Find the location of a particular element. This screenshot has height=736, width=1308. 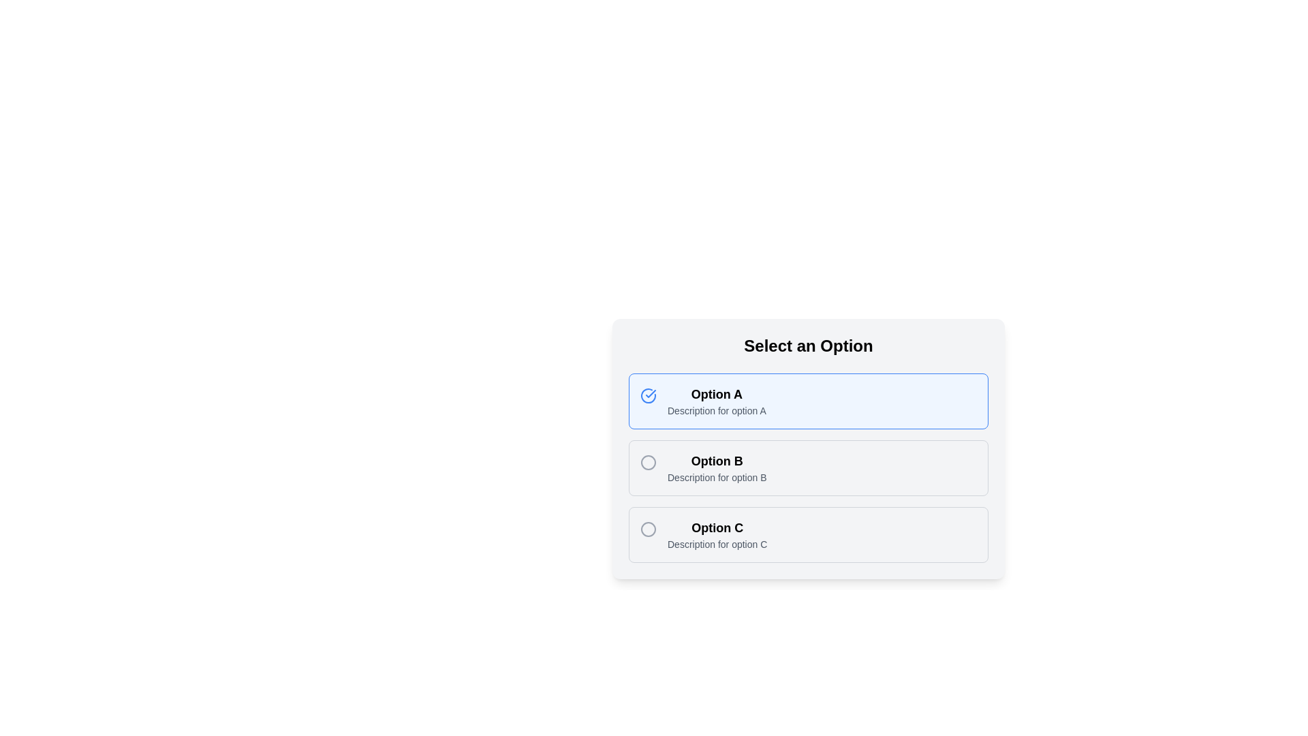

the bold text label that says 'Select an Option', which is located at the top of the card area is located at coordinates (808, 346).